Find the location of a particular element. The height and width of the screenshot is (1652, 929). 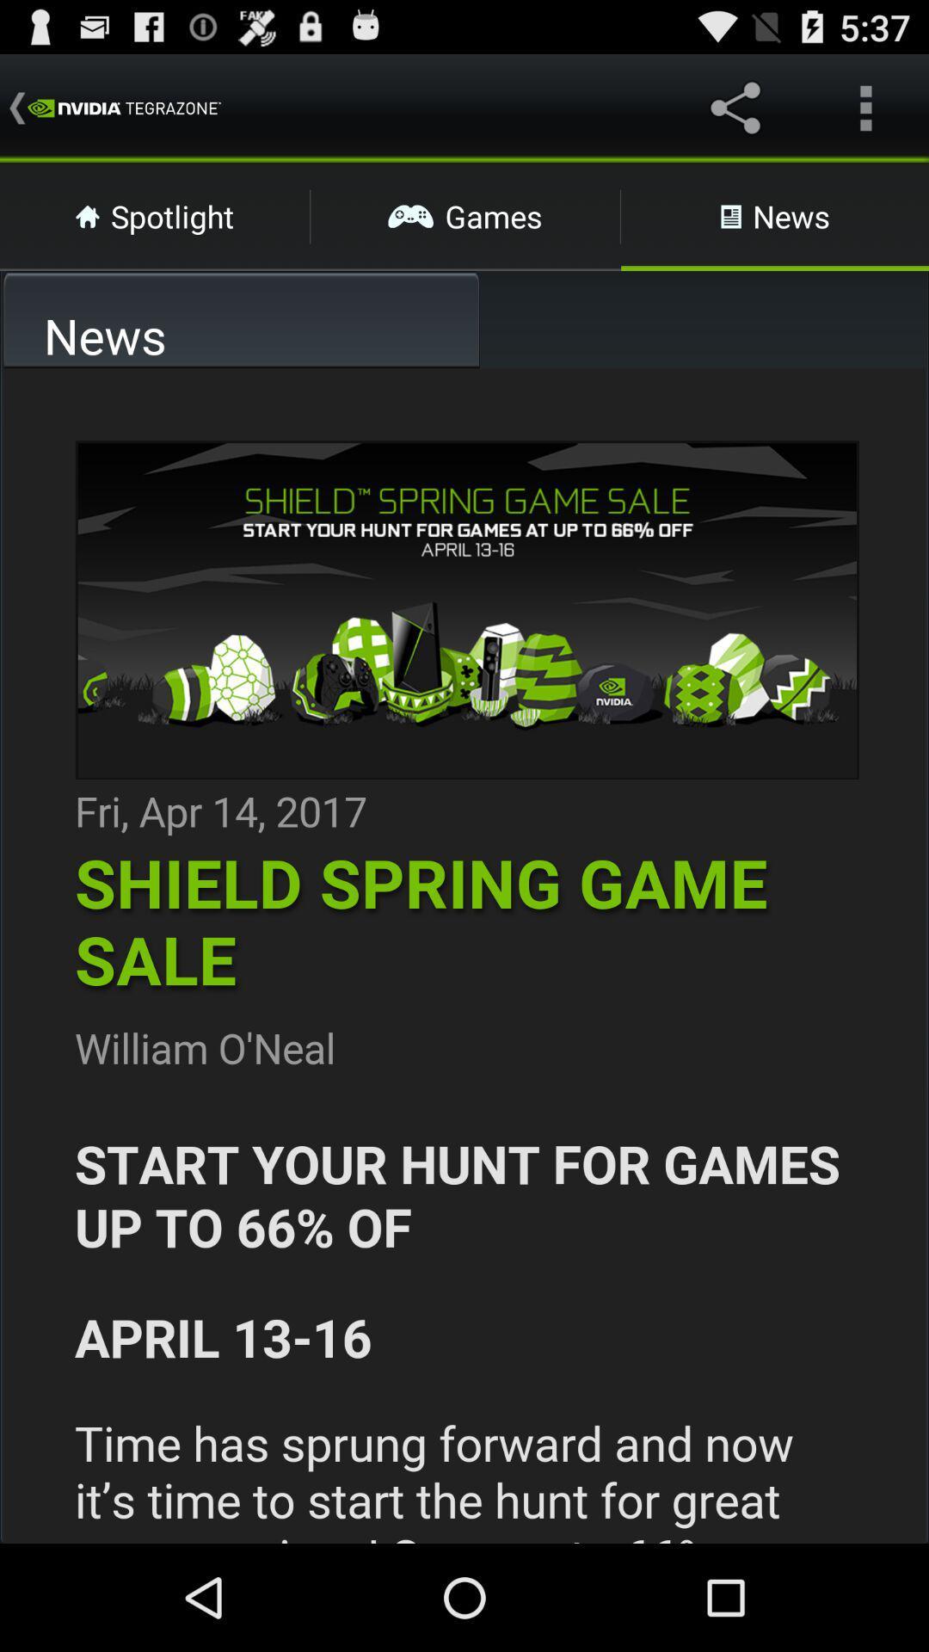

link is located at coordinates (464, 955).